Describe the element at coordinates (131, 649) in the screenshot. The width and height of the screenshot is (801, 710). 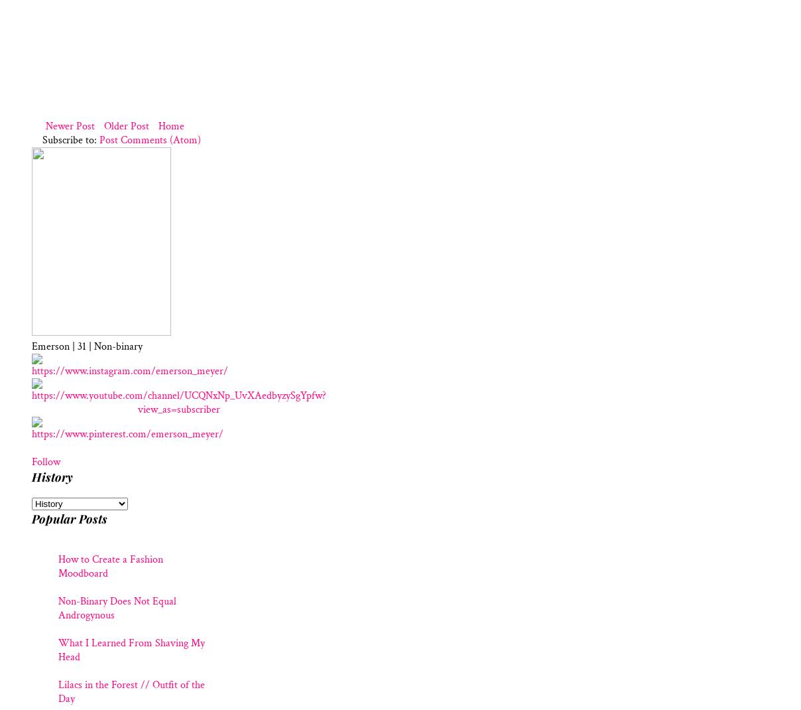
I see `'What I Learned From Shaving My Head'` at that location.